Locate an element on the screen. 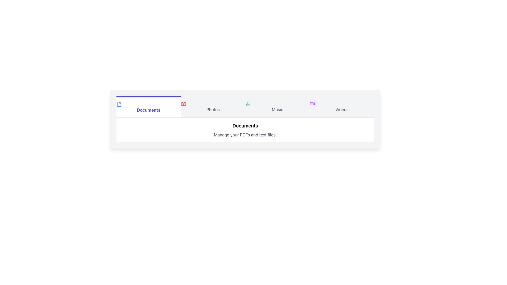 Image resolution: width=507 pixels, height=285 pixels. the Navigation Tab linked to the 'Music' section, positioned between 'Photos' and 'Videos' is located at coordinates (277, 107).